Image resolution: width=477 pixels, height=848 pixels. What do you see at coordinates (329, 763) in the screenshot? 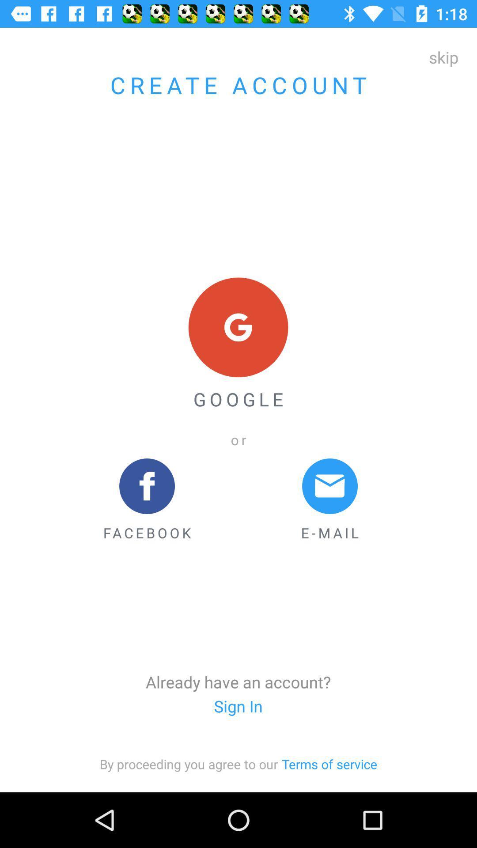
I see `item at the bottom right corner` at bounding box center [329, 763].